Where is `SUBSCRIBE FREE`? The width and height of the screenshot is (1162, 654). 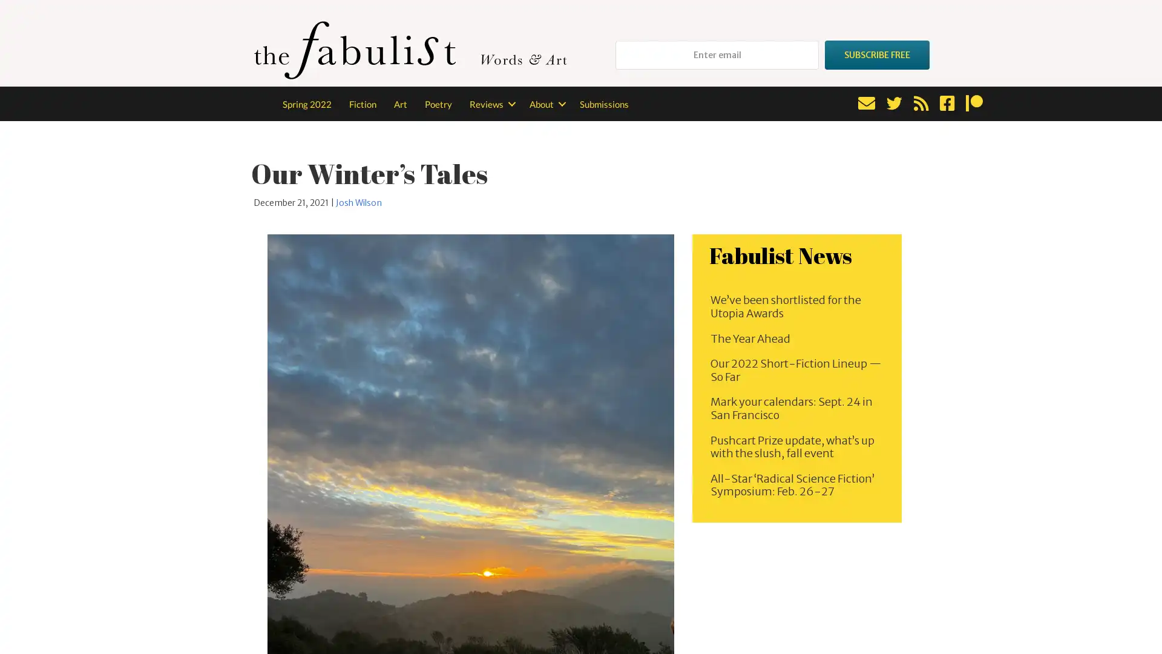
SUBSCRIBE FREE is located at coordinates (876, 53).